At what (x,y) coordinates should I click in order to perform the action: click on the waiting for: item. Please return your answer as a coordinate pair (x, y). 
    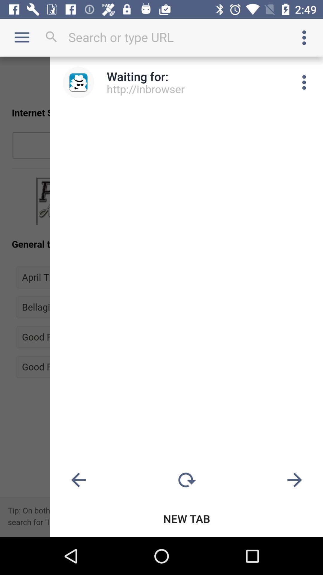
    Looking at the image, I should click on (138, 76).